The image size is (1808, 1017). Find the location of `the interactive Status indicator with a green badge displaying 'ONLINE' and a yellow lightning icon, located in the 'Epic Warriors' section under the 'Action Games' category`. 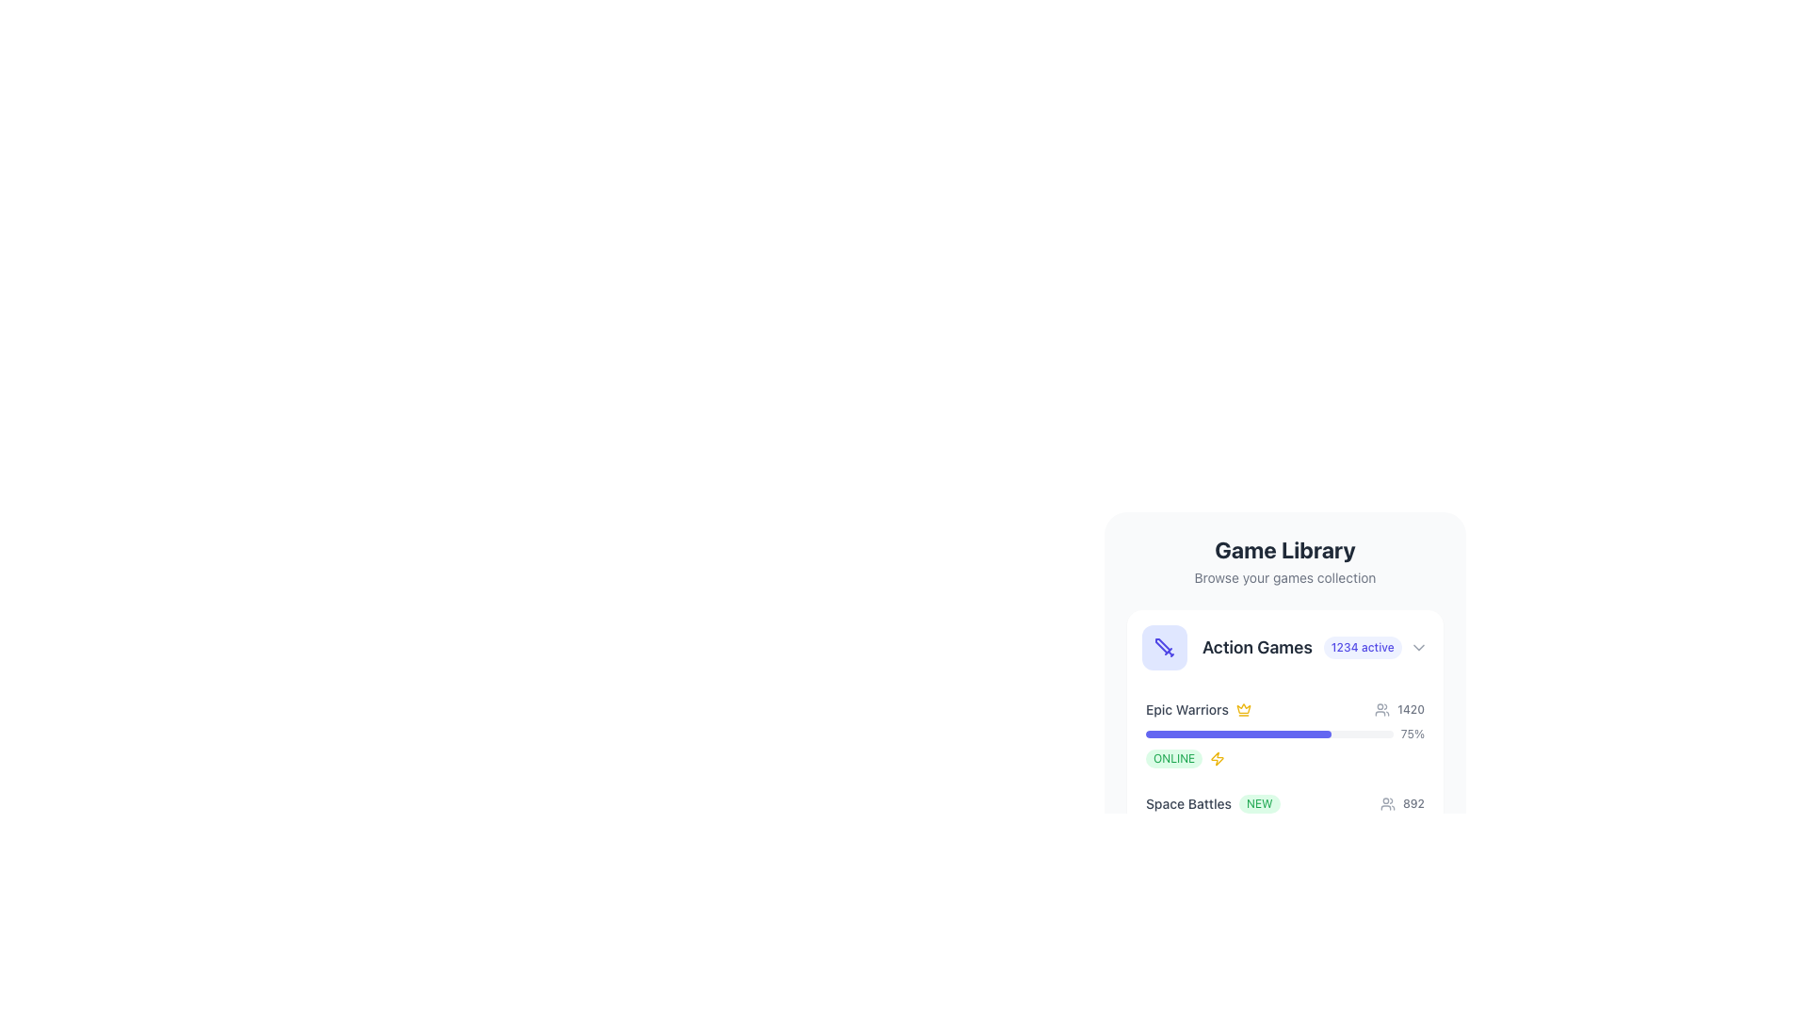

the interactive Status indicator with a green badge displaying 'ONLINE' and a yellow lightning icon, located in the 'Epic Warriors' section under the 'Action Games' category is located at coordinates (1283, 758).